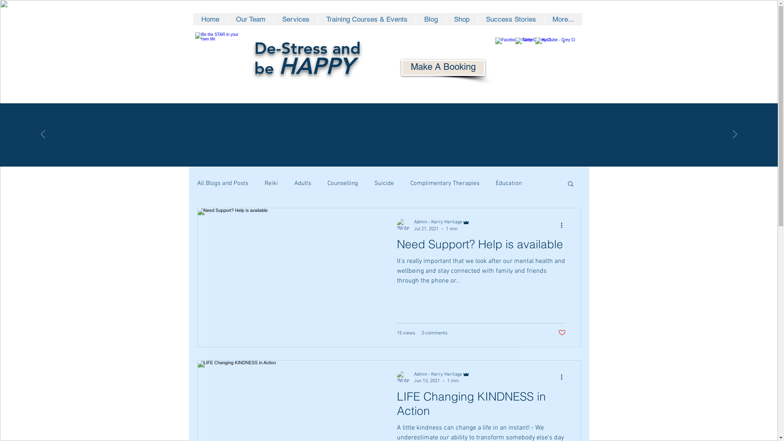 The width and height of the screenshot is (784, 441). Describe the element at coordinates (561, 332) in the screenshot. I see `'Post not marked as liked'` at that location.